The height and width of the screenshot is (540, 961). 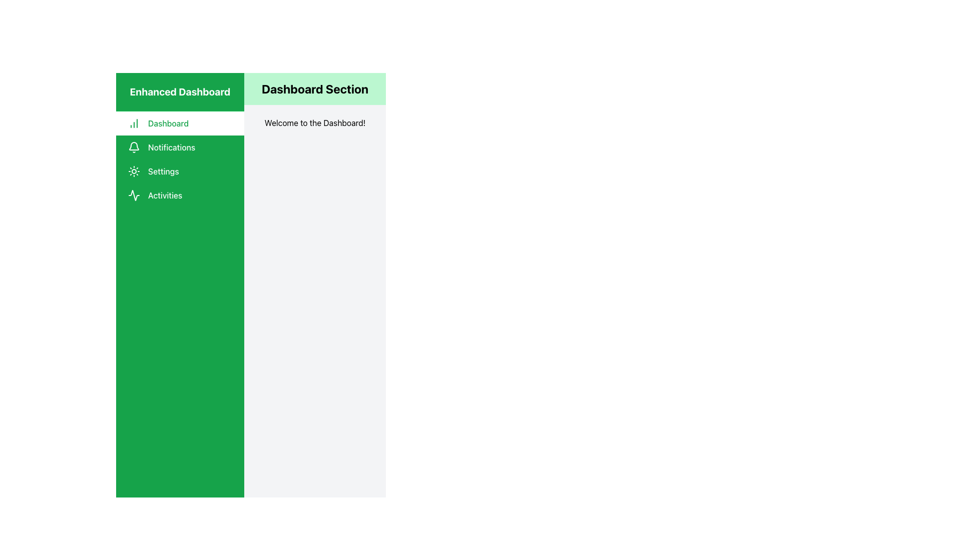 What do you see at coordinates (168, 122) in the screenshot?
I see `text label that serves as a descriptor for accessing the dashboard section, located inside the vertical menu bar immediately below the 'Enhanced Dashboard' group header` at bounding box center [168, 122].